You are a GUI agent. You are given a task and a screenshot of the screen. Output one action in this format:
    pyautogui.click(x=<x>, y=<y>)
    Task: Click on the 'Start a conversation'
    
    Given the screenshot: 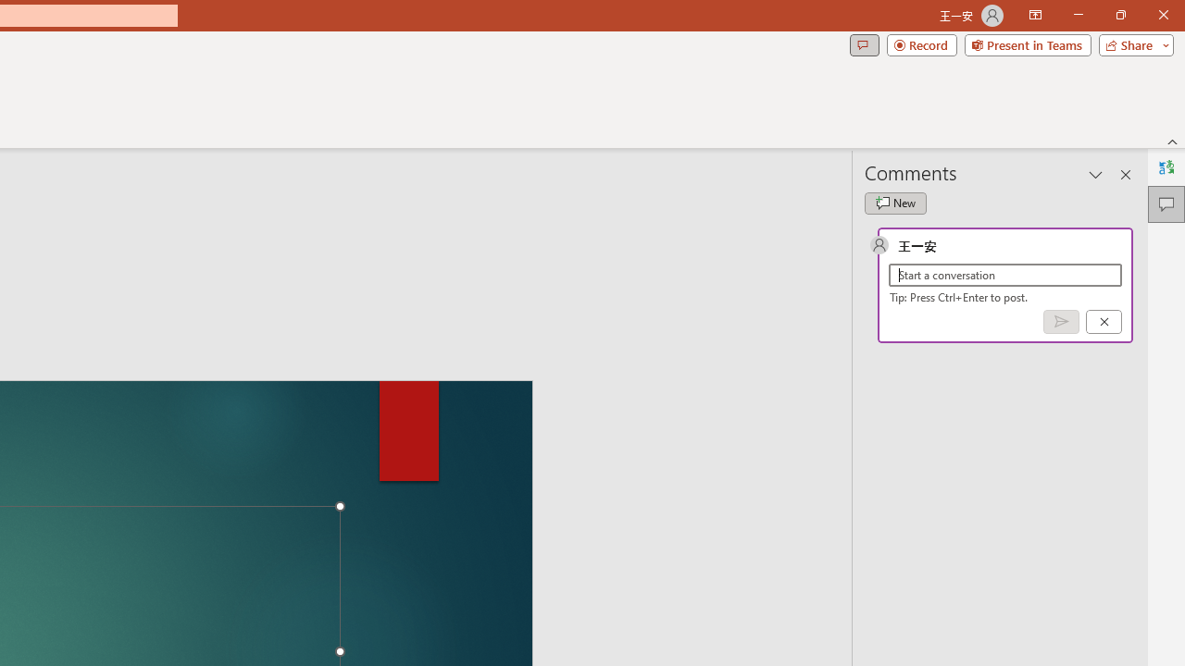 What is the action you would take?
    pyautogui.click(x=1004, y=275)
    